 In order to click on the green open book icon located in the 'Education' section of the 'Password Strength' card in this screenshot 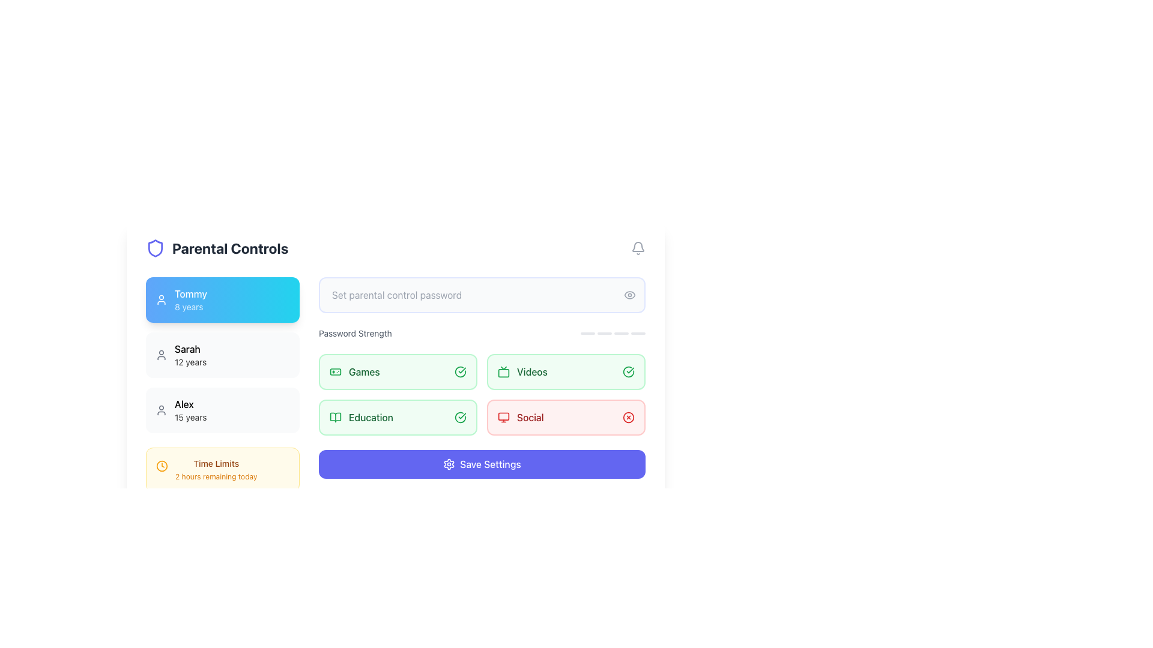, I will do `click(335, 416)`.